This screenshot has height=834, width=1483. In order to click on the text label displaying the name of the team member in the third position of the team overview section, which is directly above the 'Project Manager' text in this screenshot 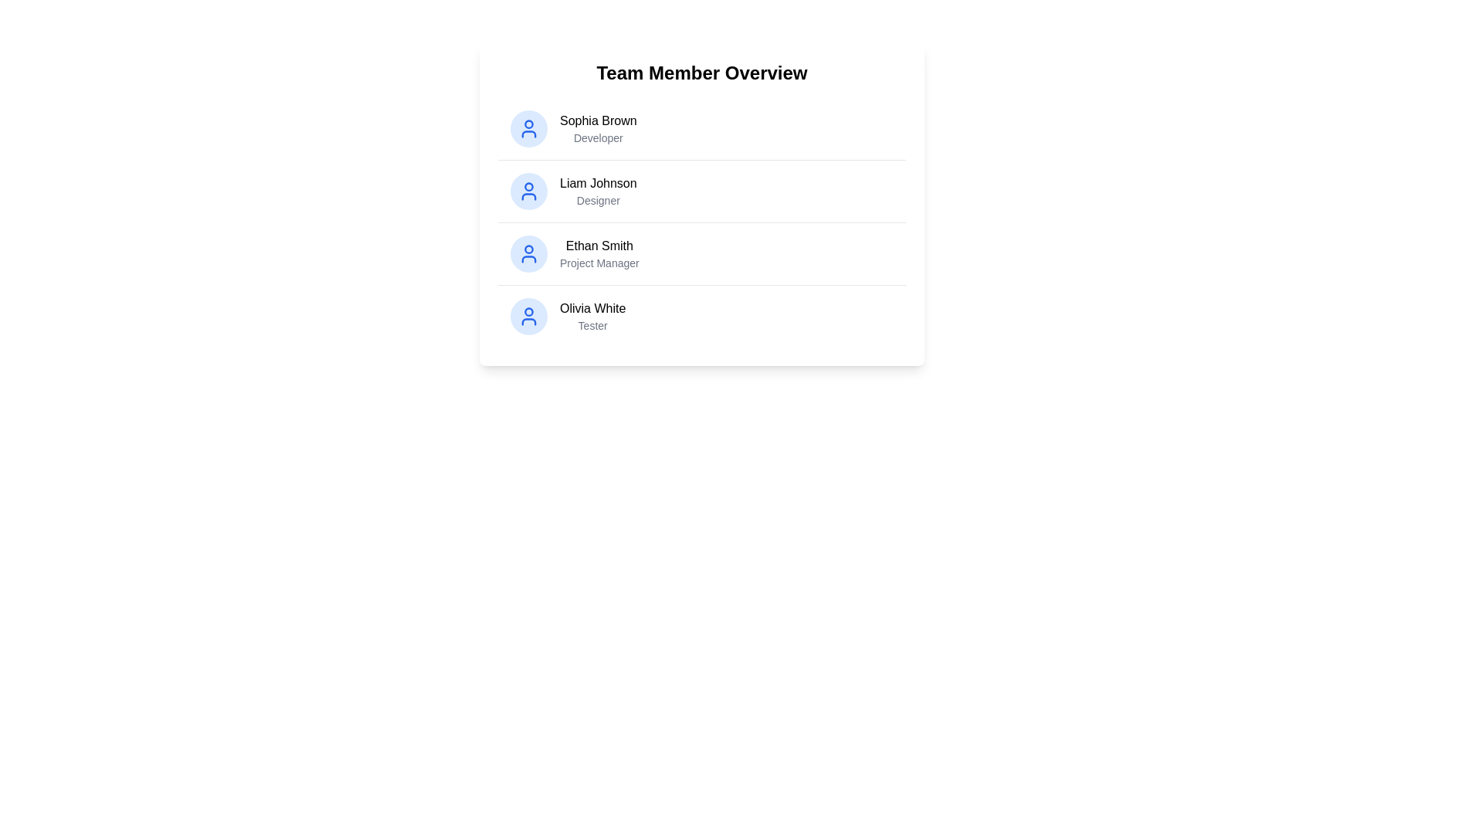, I will do `click(599, 246)`.